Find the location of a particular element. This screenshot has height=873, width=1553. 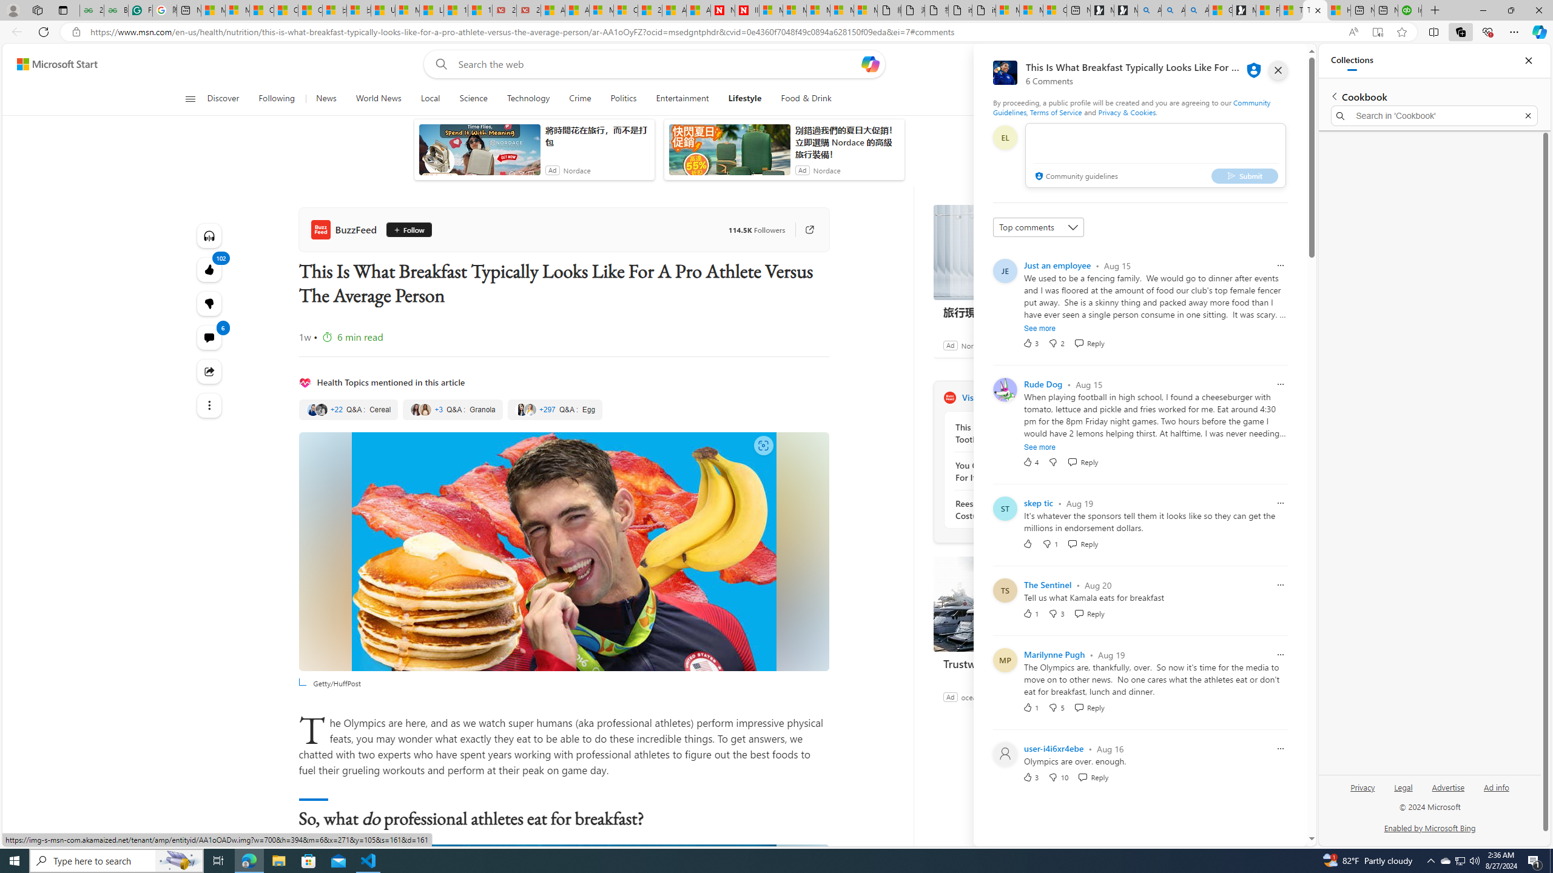

'BuzzFeed' is located at coordinates (346, 229).